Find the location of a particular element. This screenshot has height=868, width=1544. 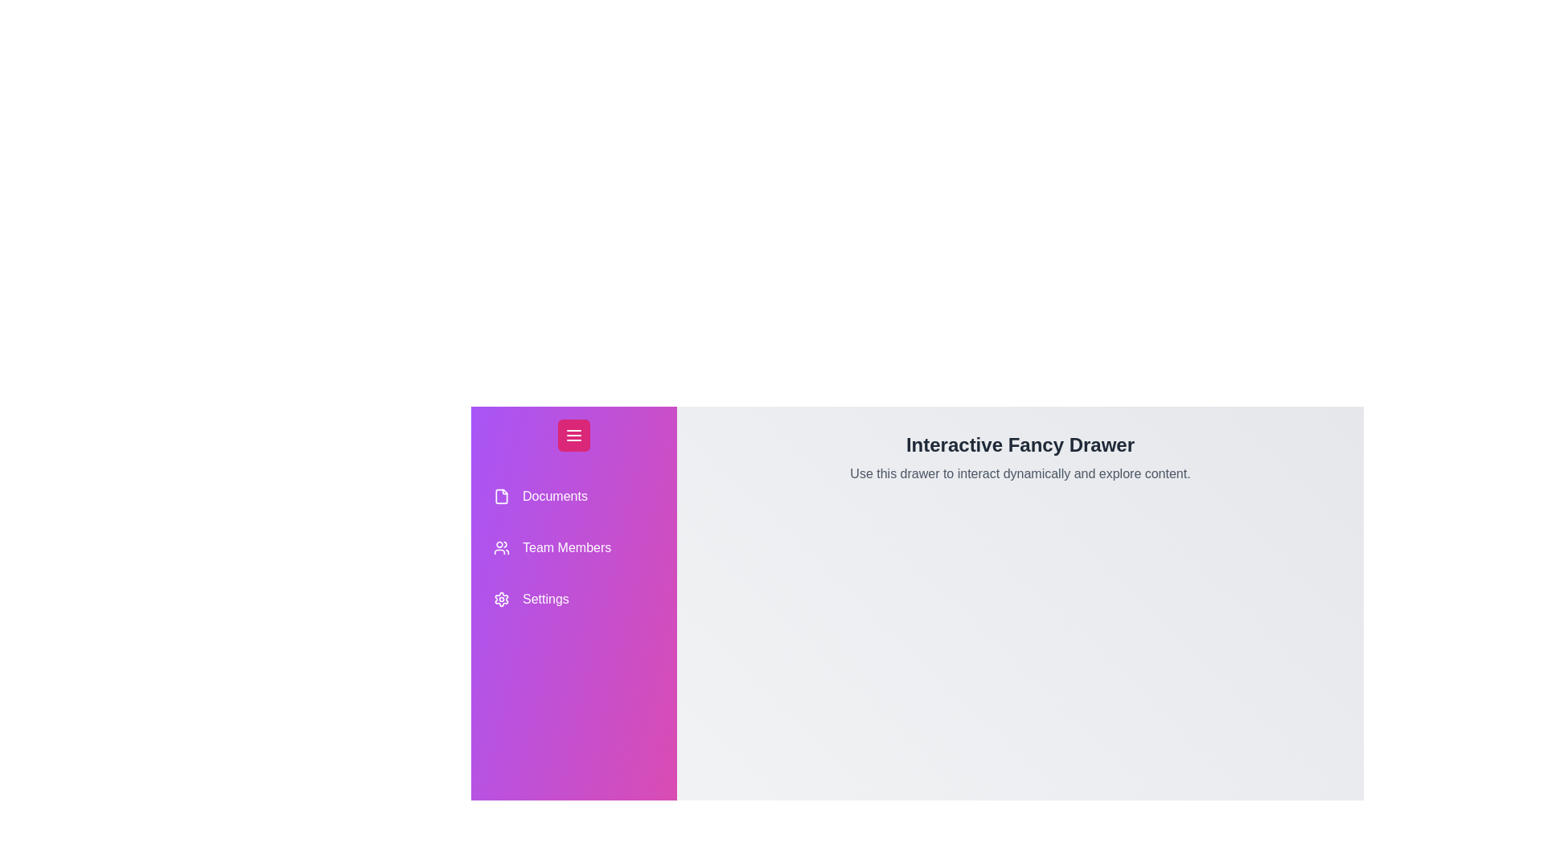

the drawer item Settings to select it is located at coordinates (574, 599).